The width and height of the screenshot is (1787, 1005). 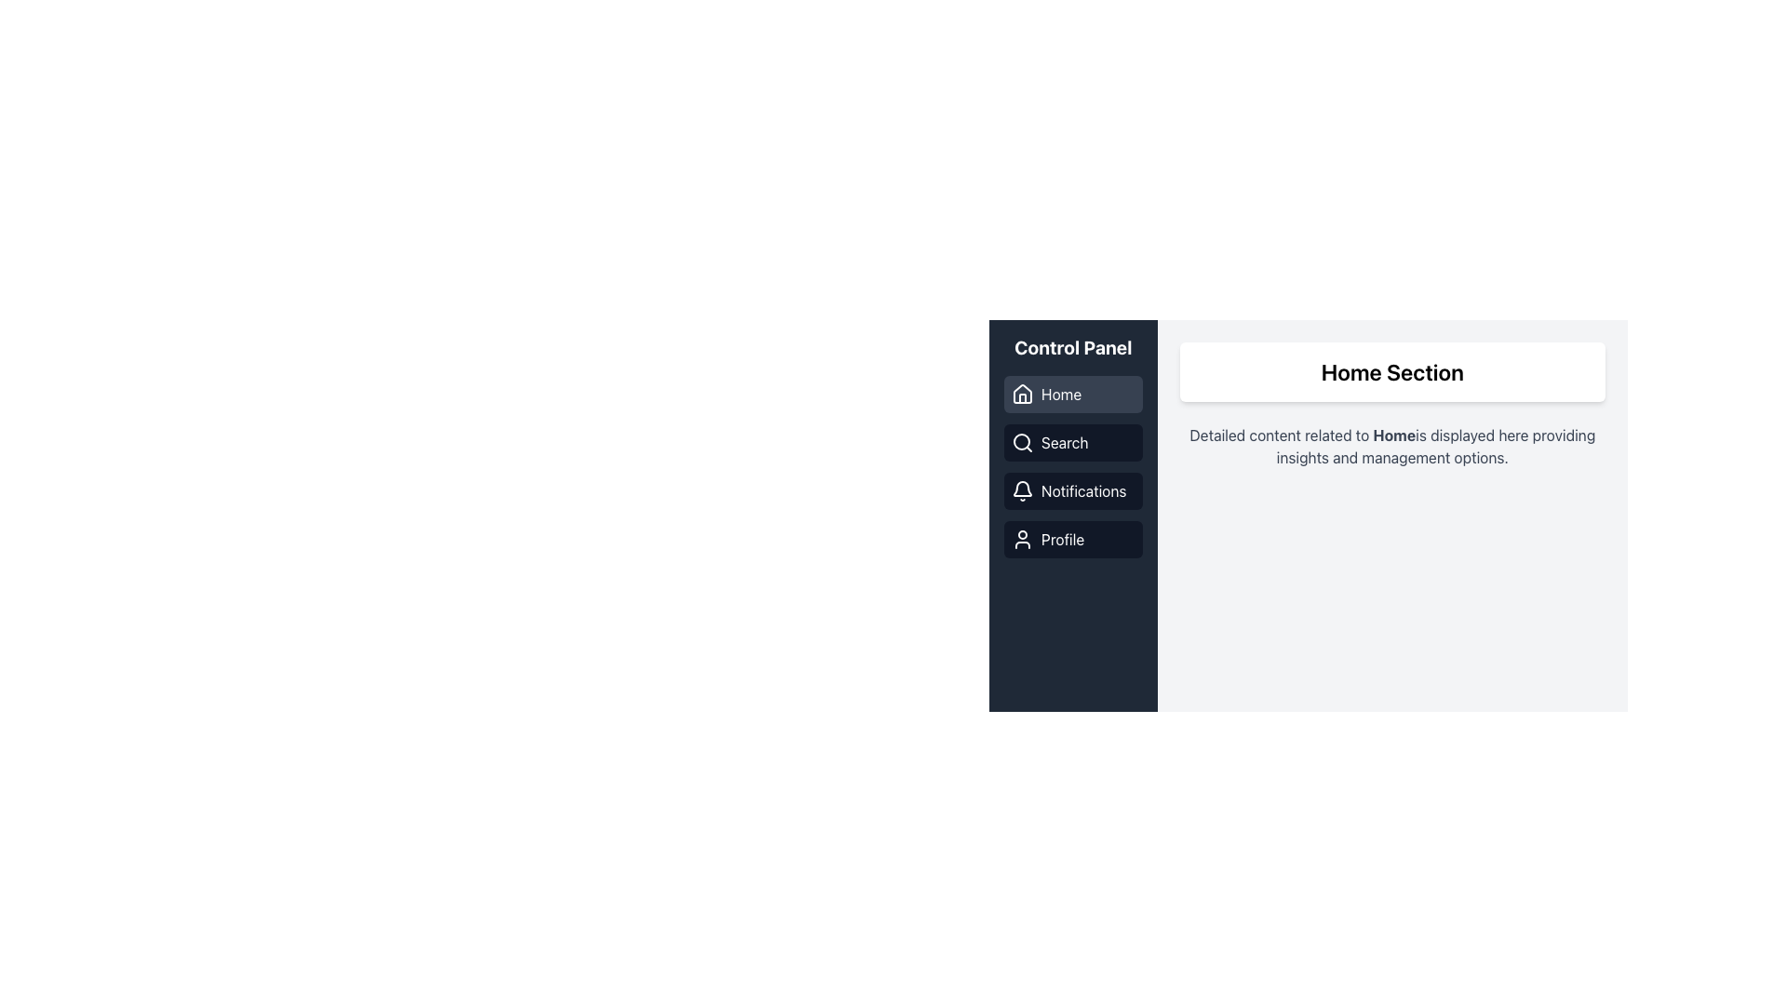 What do you see at coordinates (1022, 393) in the screenshot?
I see `the 'Home' icon located in the left-side panel at the top of the navigation menu` at bounding box center [1022, 393].